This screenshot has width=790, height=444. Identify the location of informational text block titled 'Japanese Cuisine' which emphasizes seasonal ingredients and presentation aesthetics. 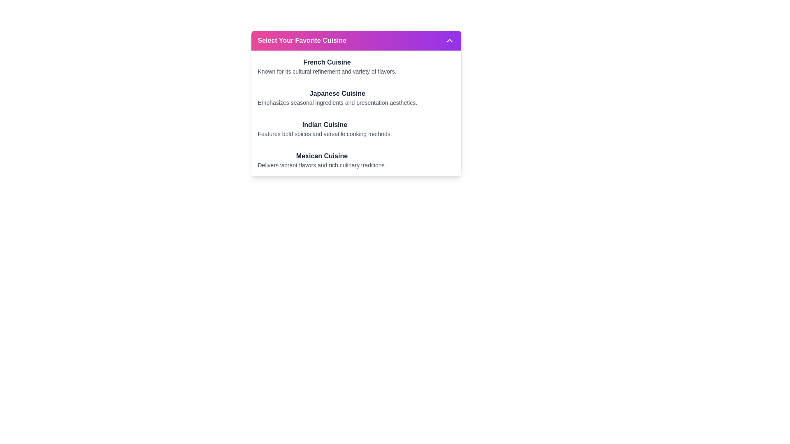
(337, 97).